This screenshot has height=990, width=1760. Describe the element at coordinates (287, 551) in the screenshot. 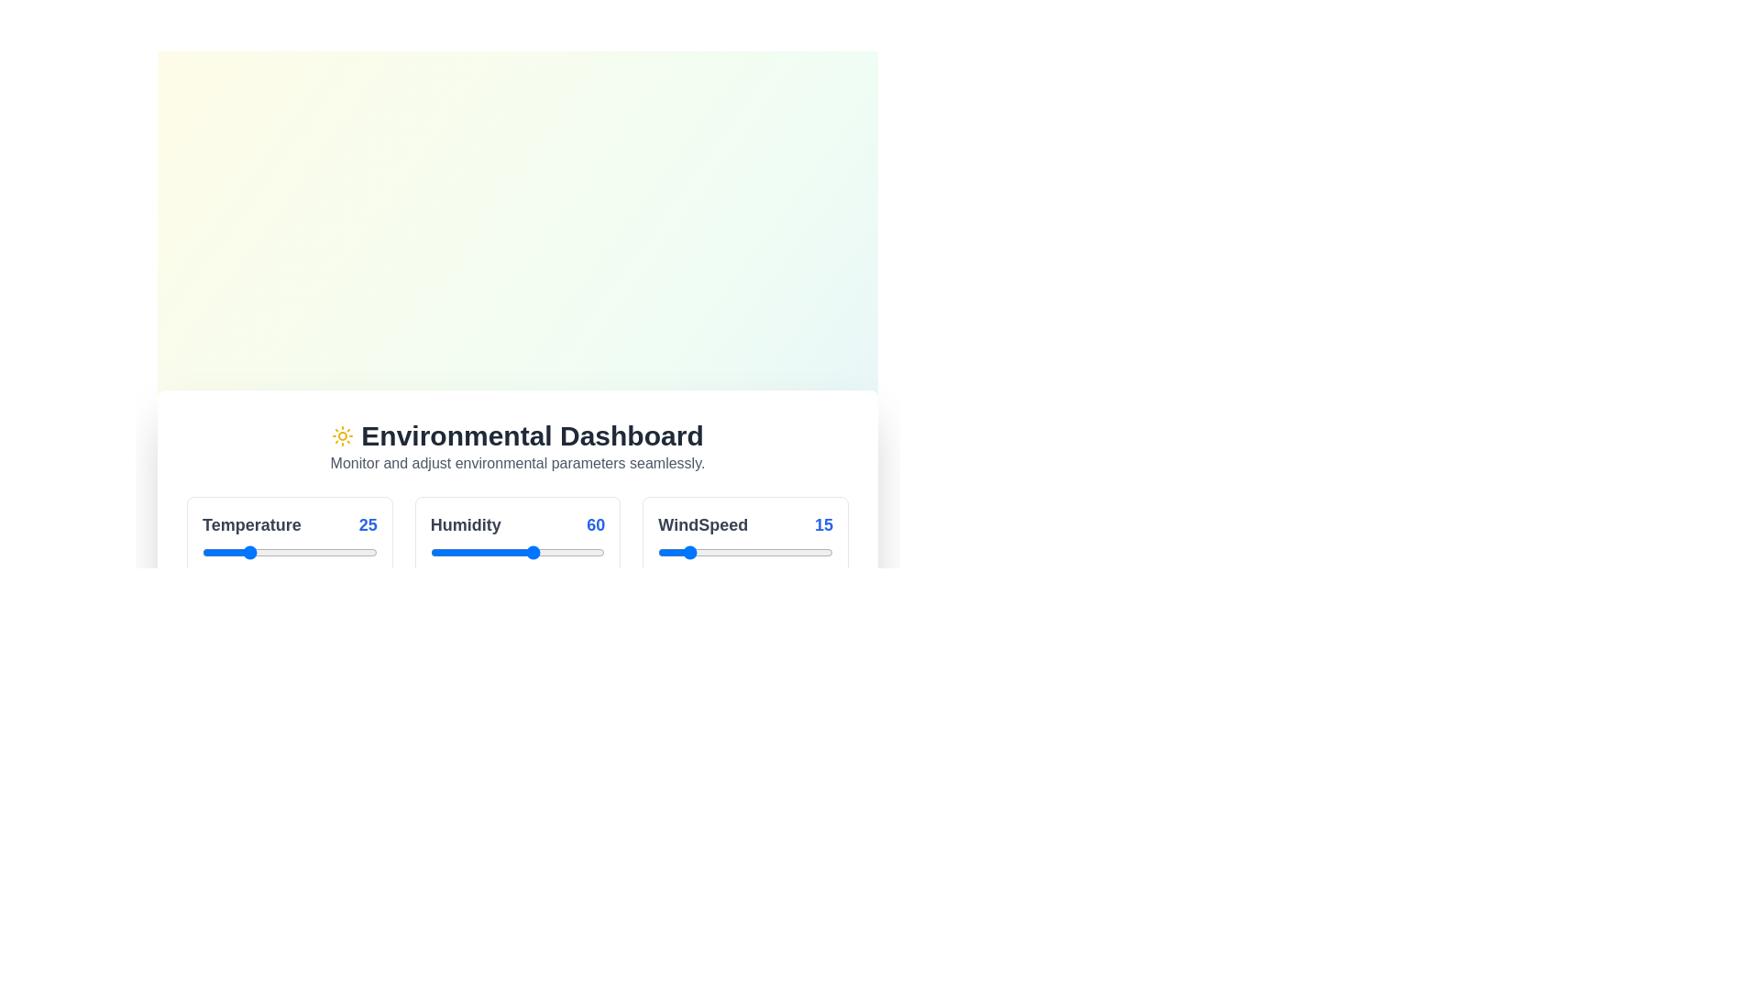

I see `the temperature` at that location.